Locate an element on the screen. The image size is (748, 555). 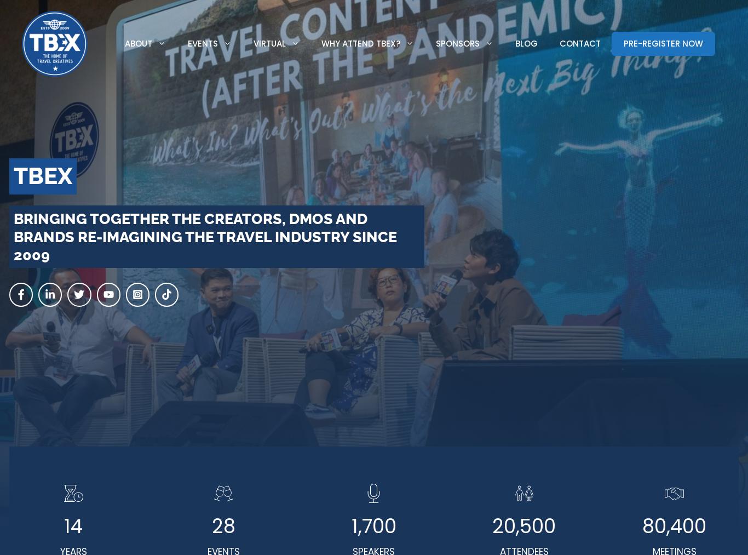
'28' is located at coordinates (223, 526).